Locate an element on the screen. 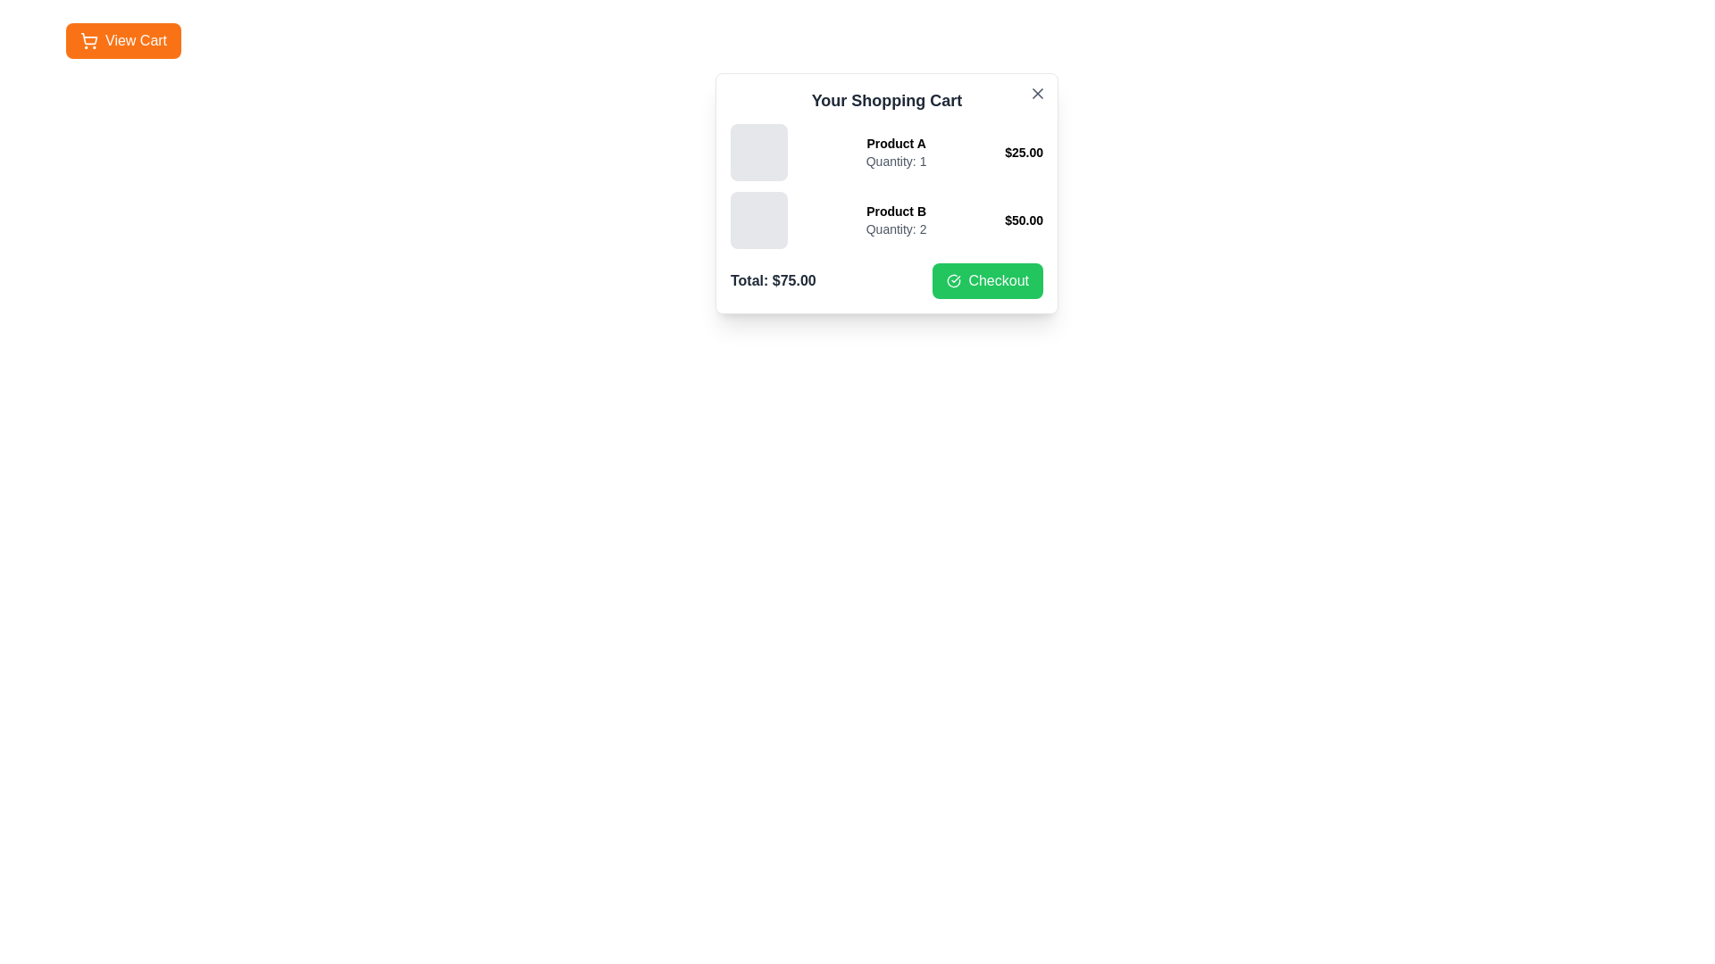 This screenshot has width=1715, height=964. product details of the List Item titled 'Product B', which includes the price '$50.00' and quantity 'Quantity: 2' is located at coordinates (887, 219).